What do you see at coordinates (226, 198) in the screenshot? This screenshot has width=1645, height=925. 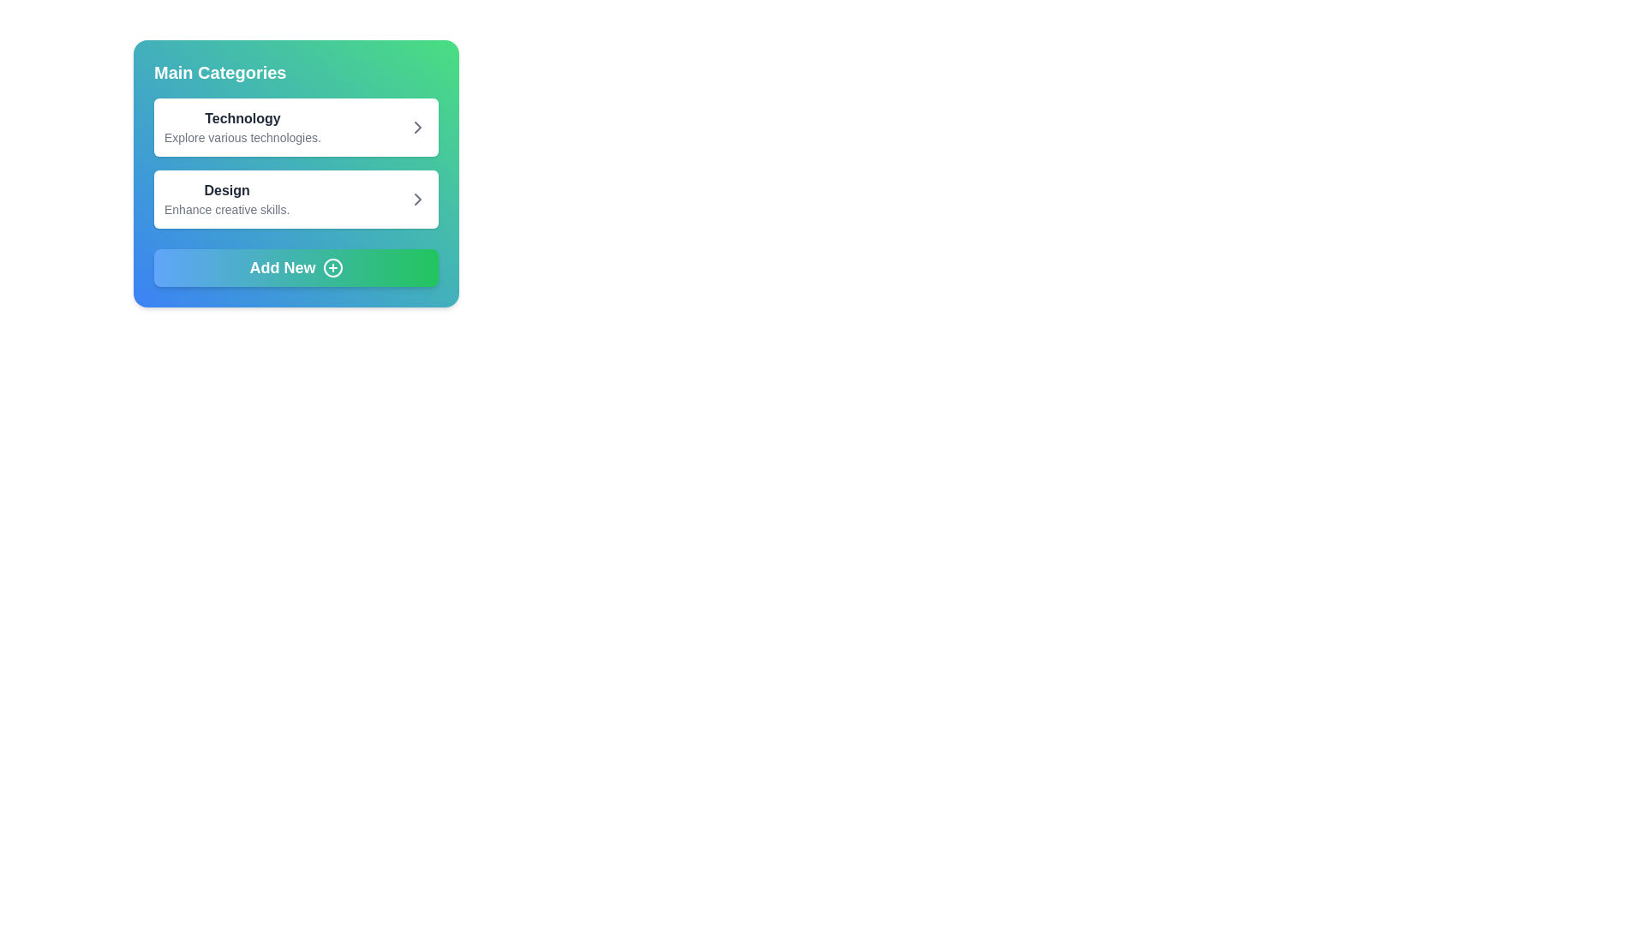 I see `the Text block presenting the category title 'Design' and description 'Enhance creative skills.' which is the second item in the 'Main Categories' list` at bounding box center [226, 198].